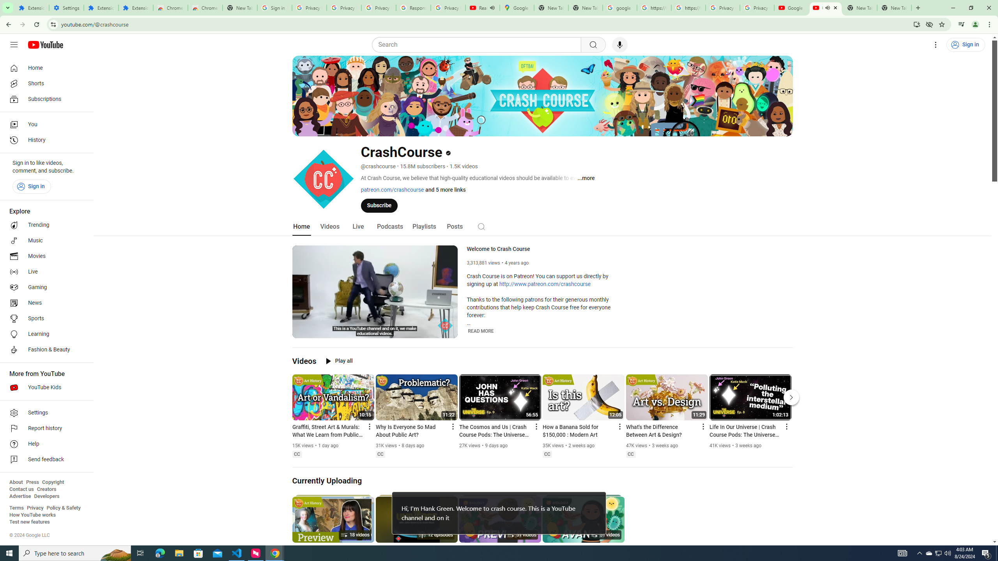 This screenshot has height=561, width=998. Describe the element at coordinates (654, 7) in the screenshot. I see `'https://scholar.google.com/'` at that location.